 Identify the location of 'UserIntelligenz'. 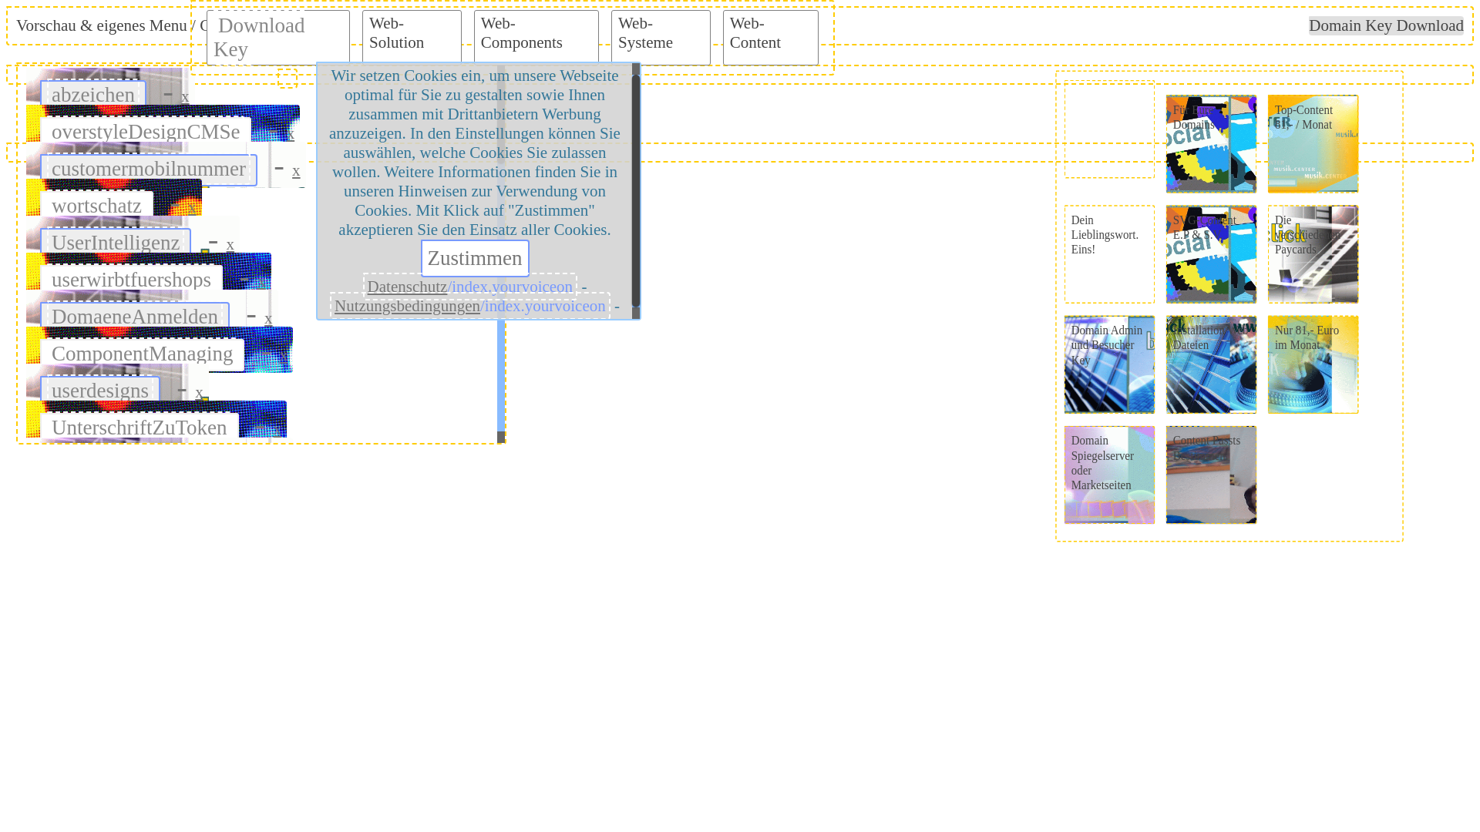
(114, 243).